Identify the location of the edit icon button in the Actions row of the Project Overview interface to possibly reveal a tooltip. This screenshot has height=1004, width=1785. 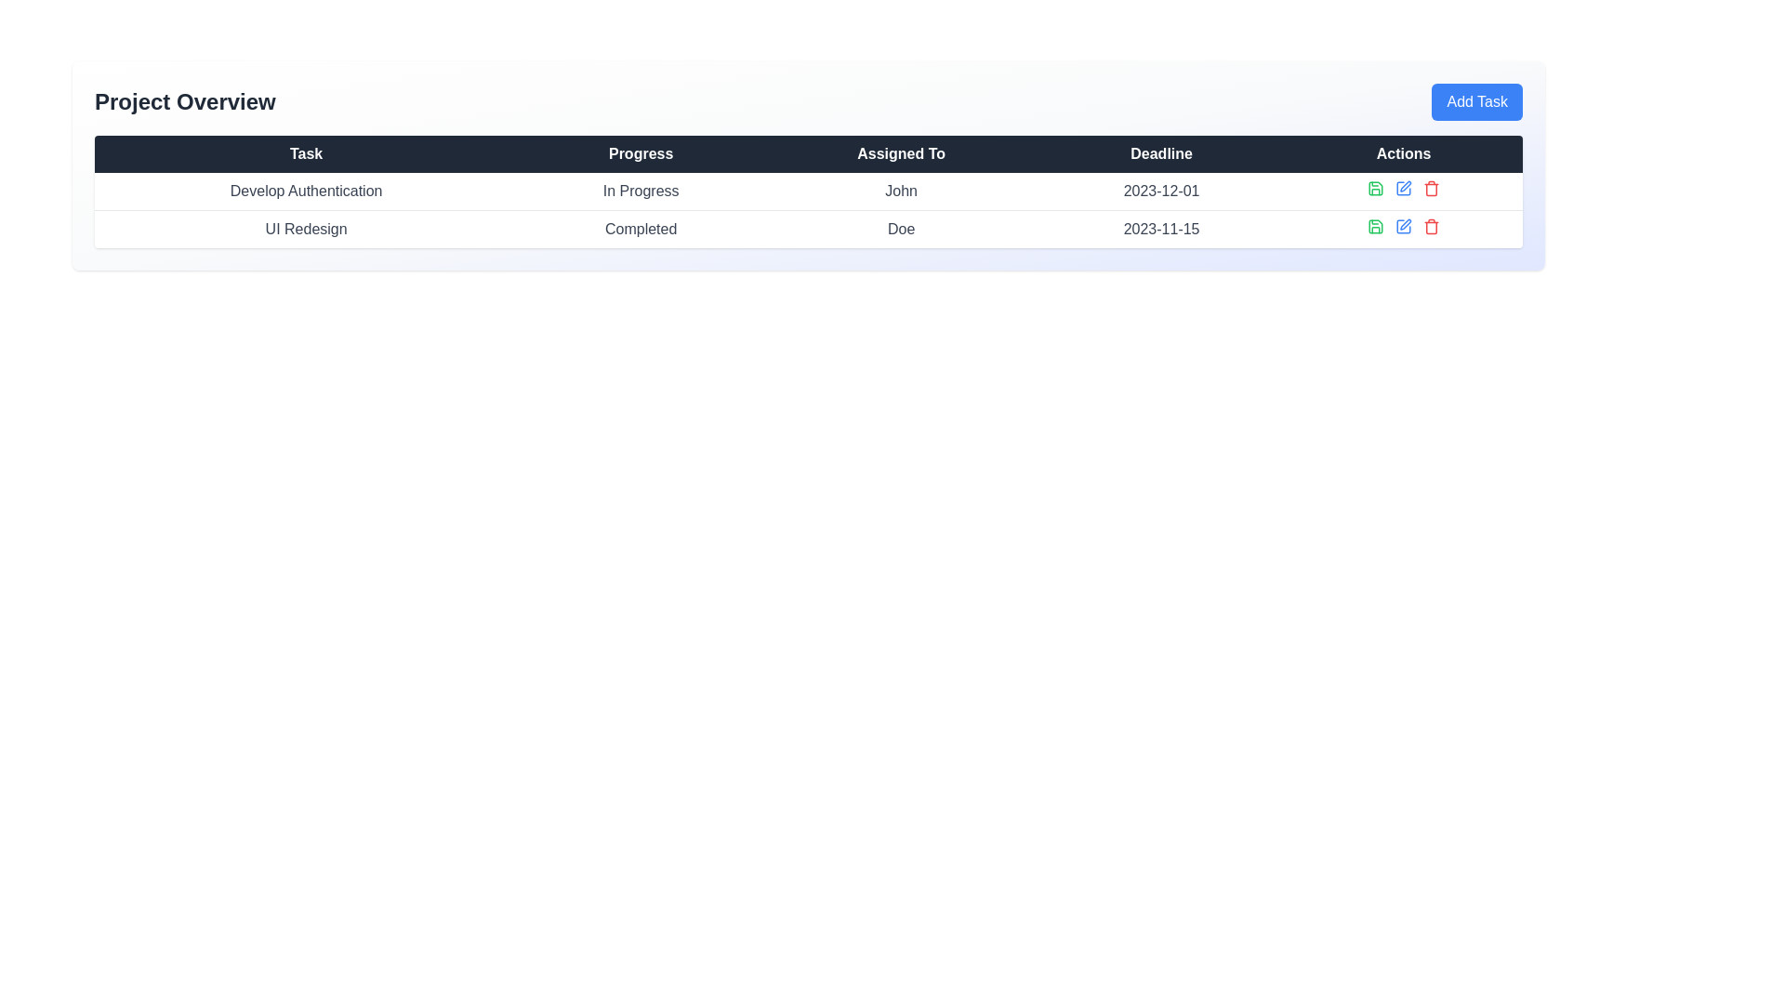
(1404, 189).